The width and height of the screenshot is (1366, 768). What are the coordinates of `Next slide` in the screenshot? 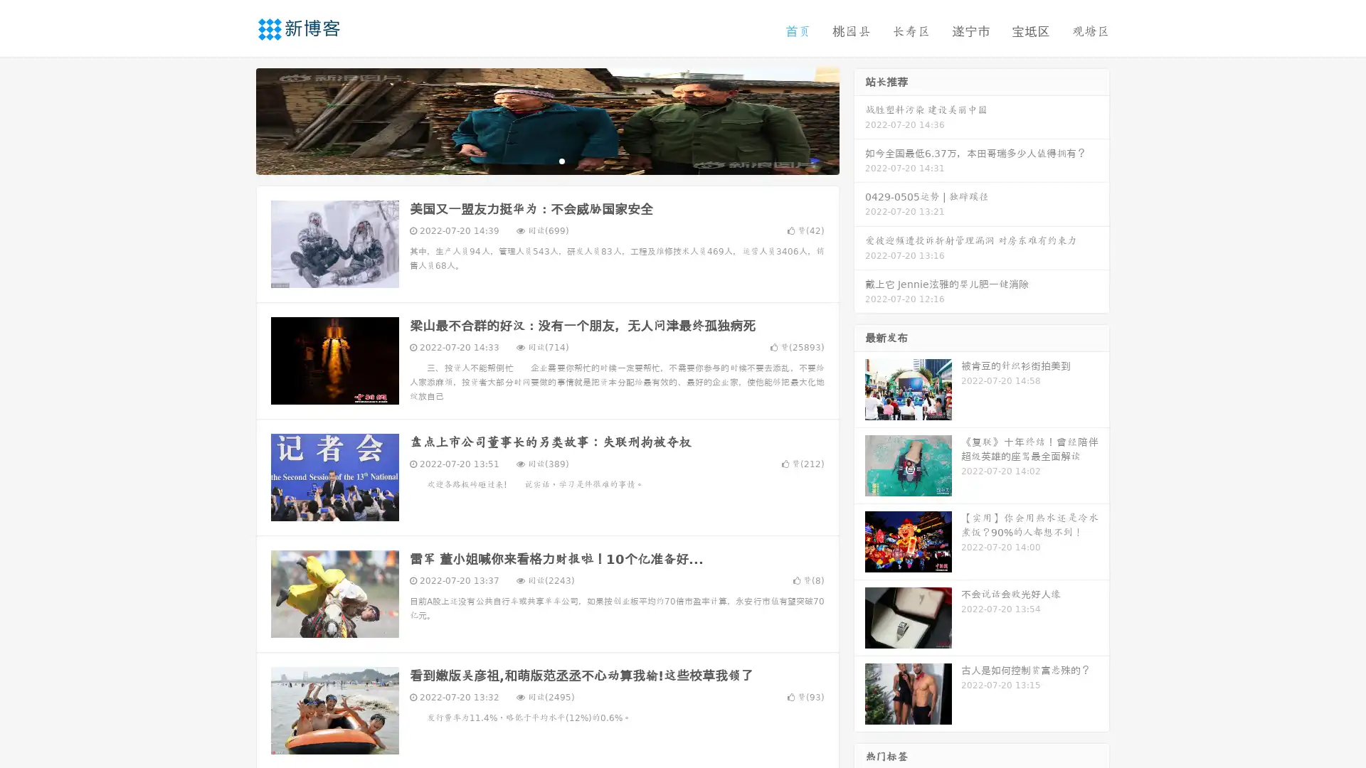 It's located at (859, 119).